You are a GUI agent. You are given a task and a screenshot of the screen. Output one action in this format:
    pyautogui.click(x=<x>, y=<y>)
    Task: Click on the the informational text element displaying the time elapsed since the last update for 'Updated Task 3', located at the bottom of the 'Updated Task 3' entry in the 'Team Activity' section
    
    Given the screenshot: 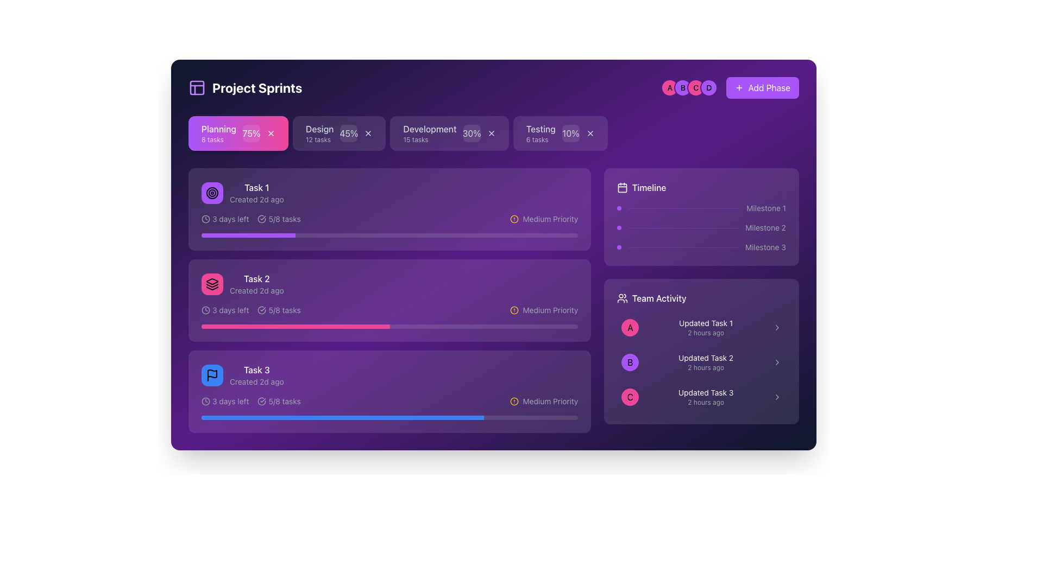 What is the action you would take?
    pyautogui.click(x=706, y=402)
    